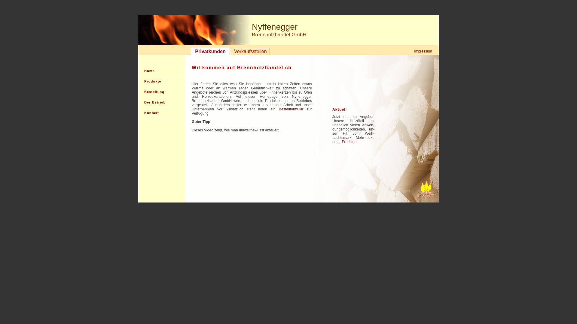 The height and width of the screenshot is (324, 577). What do you see at coordinates (230, 51) in the screenshot?
I see `'Verkaufsstellen'` at bounding box center [230, 51].